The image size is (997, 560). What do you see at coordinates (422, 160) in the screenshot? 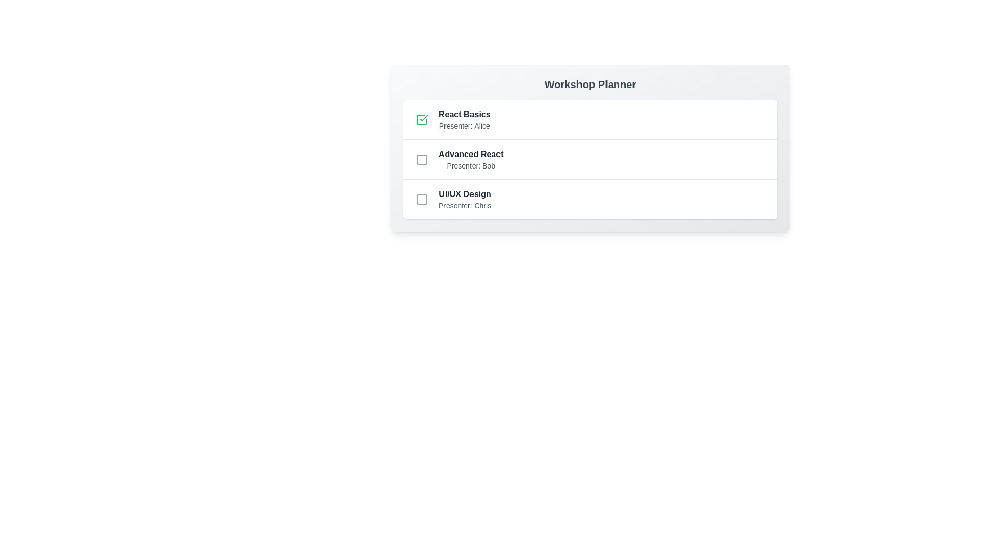
I see `the session identified by Advanced React` at bounding box center [422, 160].